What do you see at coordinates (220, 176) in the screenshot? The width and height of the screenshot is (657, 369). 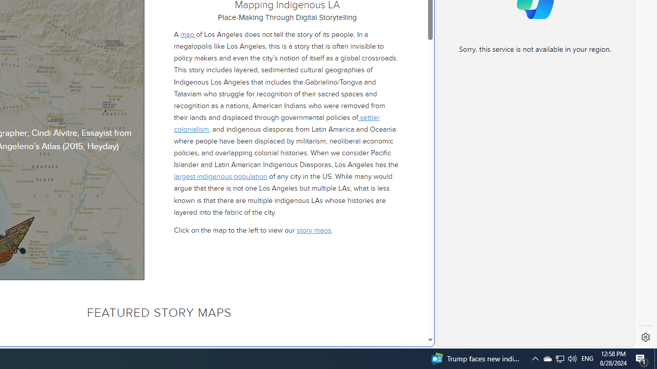 I see `'largest indigenous population'` at bounding box center [220, 176].